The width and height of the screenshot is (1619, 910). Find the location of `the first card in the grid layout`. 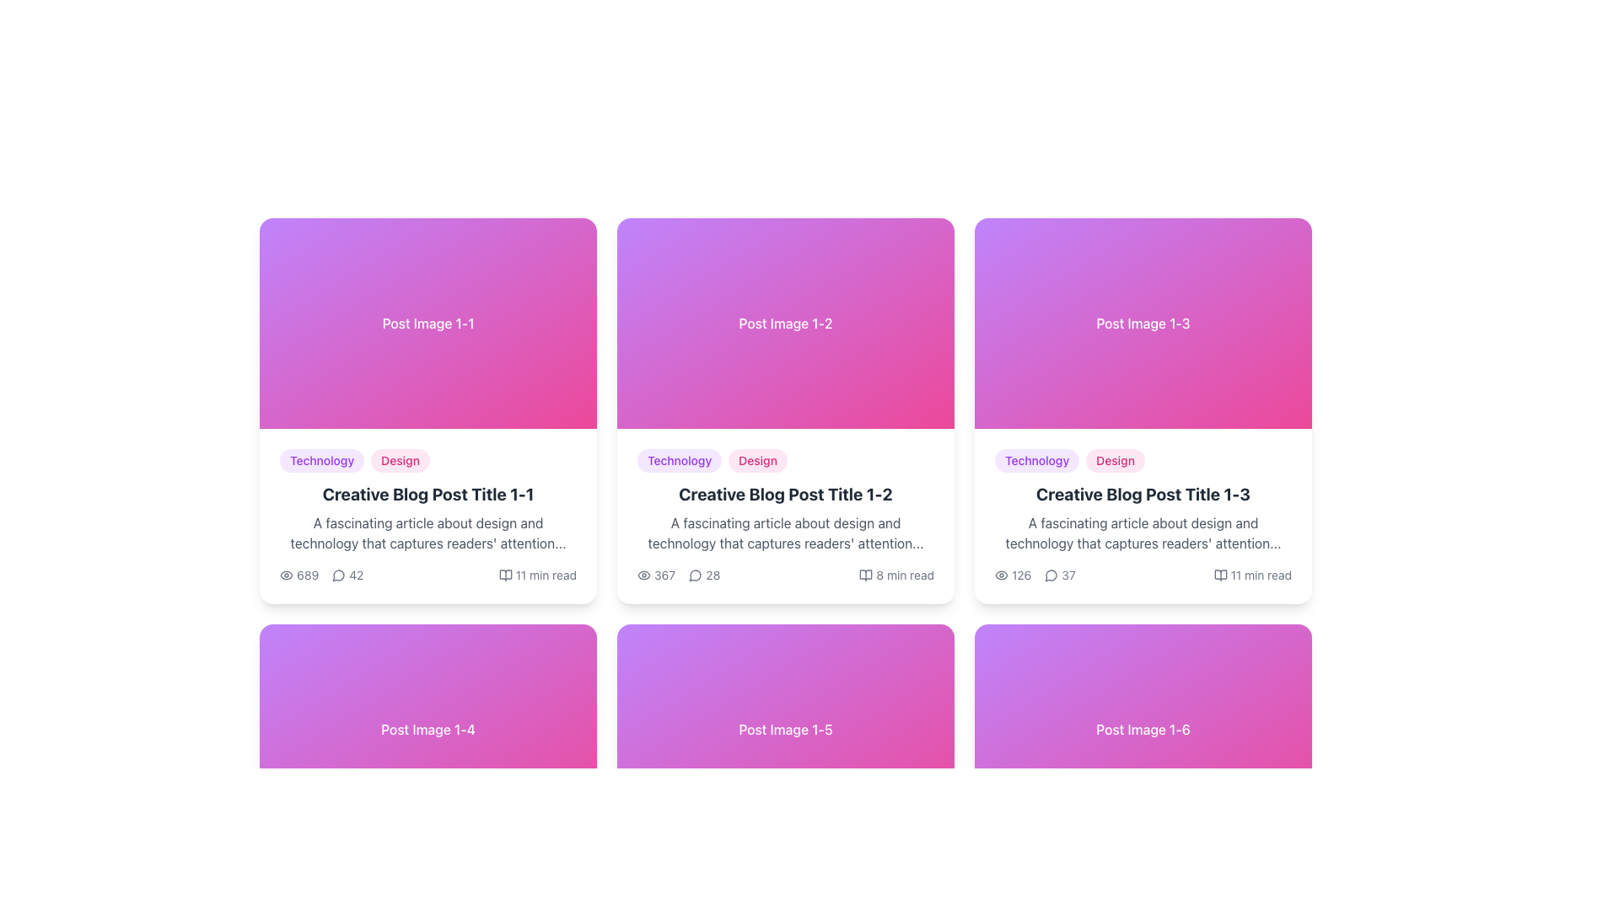

the first card in the grid layout is located at coordinates (428, 411).